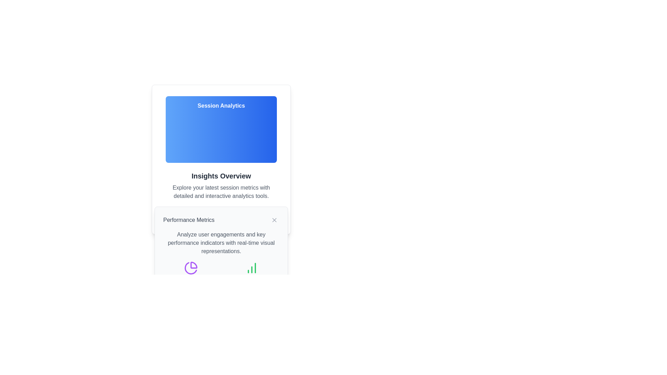  I want to click on the title banner for 'Session Analytics' located above 'Insights Overview' in the interface, so click(221, 130).